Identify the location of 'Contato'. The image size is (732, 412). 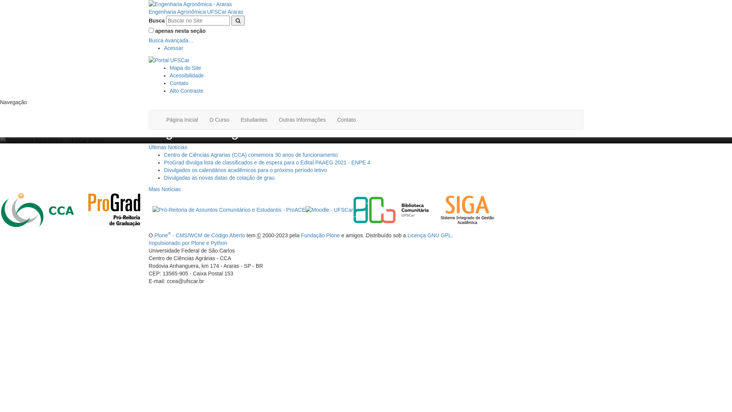
(346, 119).